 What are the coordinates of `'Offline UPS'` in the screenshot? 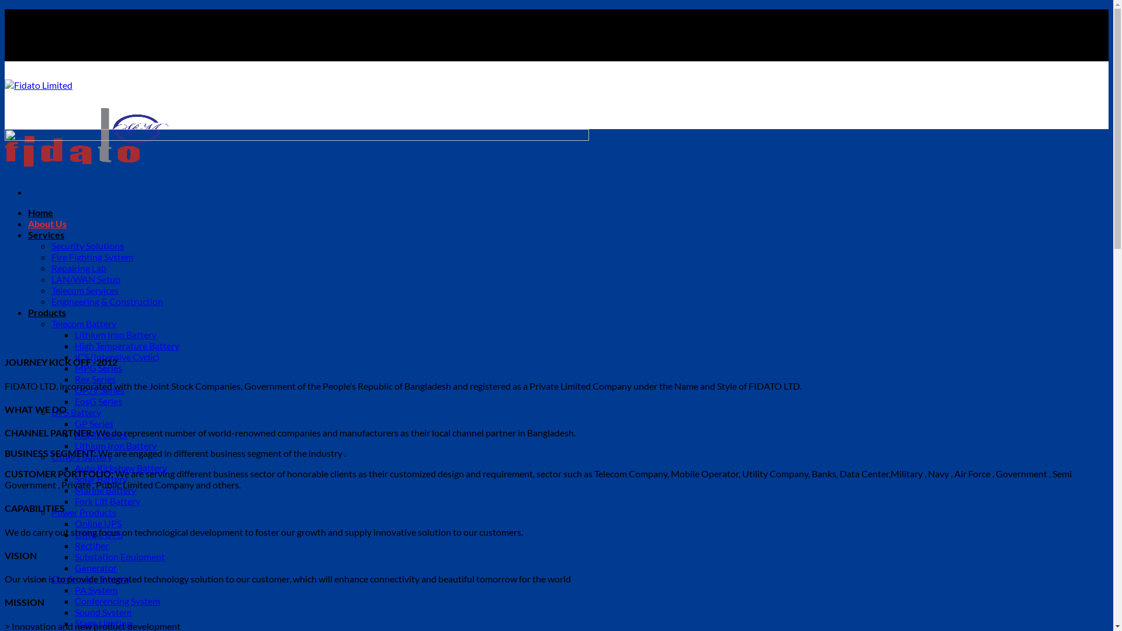 It's located at (74, 534).